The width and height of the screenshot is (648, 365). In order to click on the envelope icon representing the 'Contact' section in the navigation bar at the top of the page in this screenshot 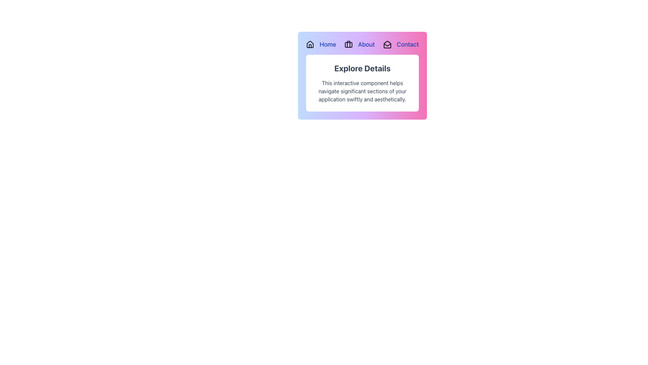, I will do `click(387, 44)`.